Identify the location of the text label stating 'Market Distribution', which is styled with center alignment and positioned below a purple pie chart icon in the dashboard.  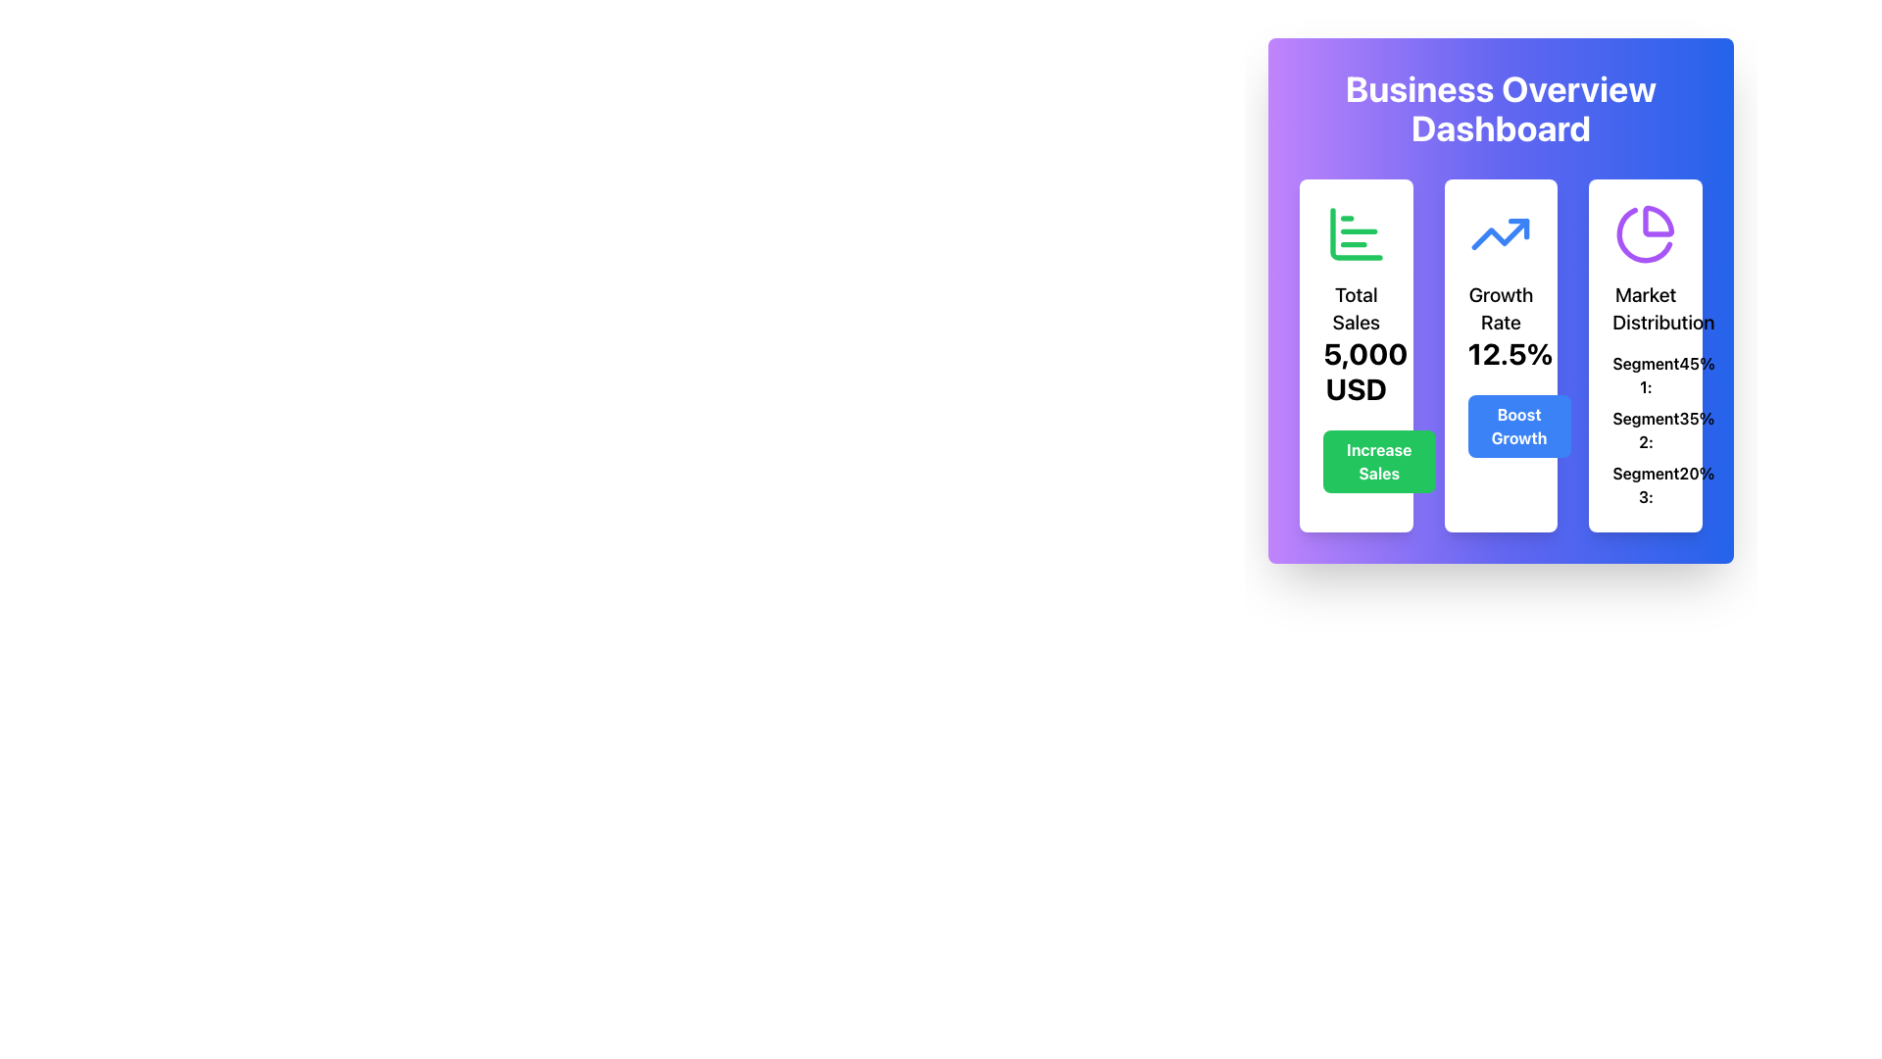
(1646, 309).